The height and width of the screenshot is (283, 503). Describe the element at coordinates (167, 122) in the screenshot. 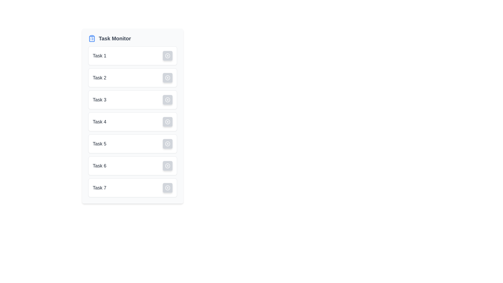

I see `the rounded button with a circular border and an 'X' shape in the center located in the 'Task Monitor' list of Task 4` at that location.